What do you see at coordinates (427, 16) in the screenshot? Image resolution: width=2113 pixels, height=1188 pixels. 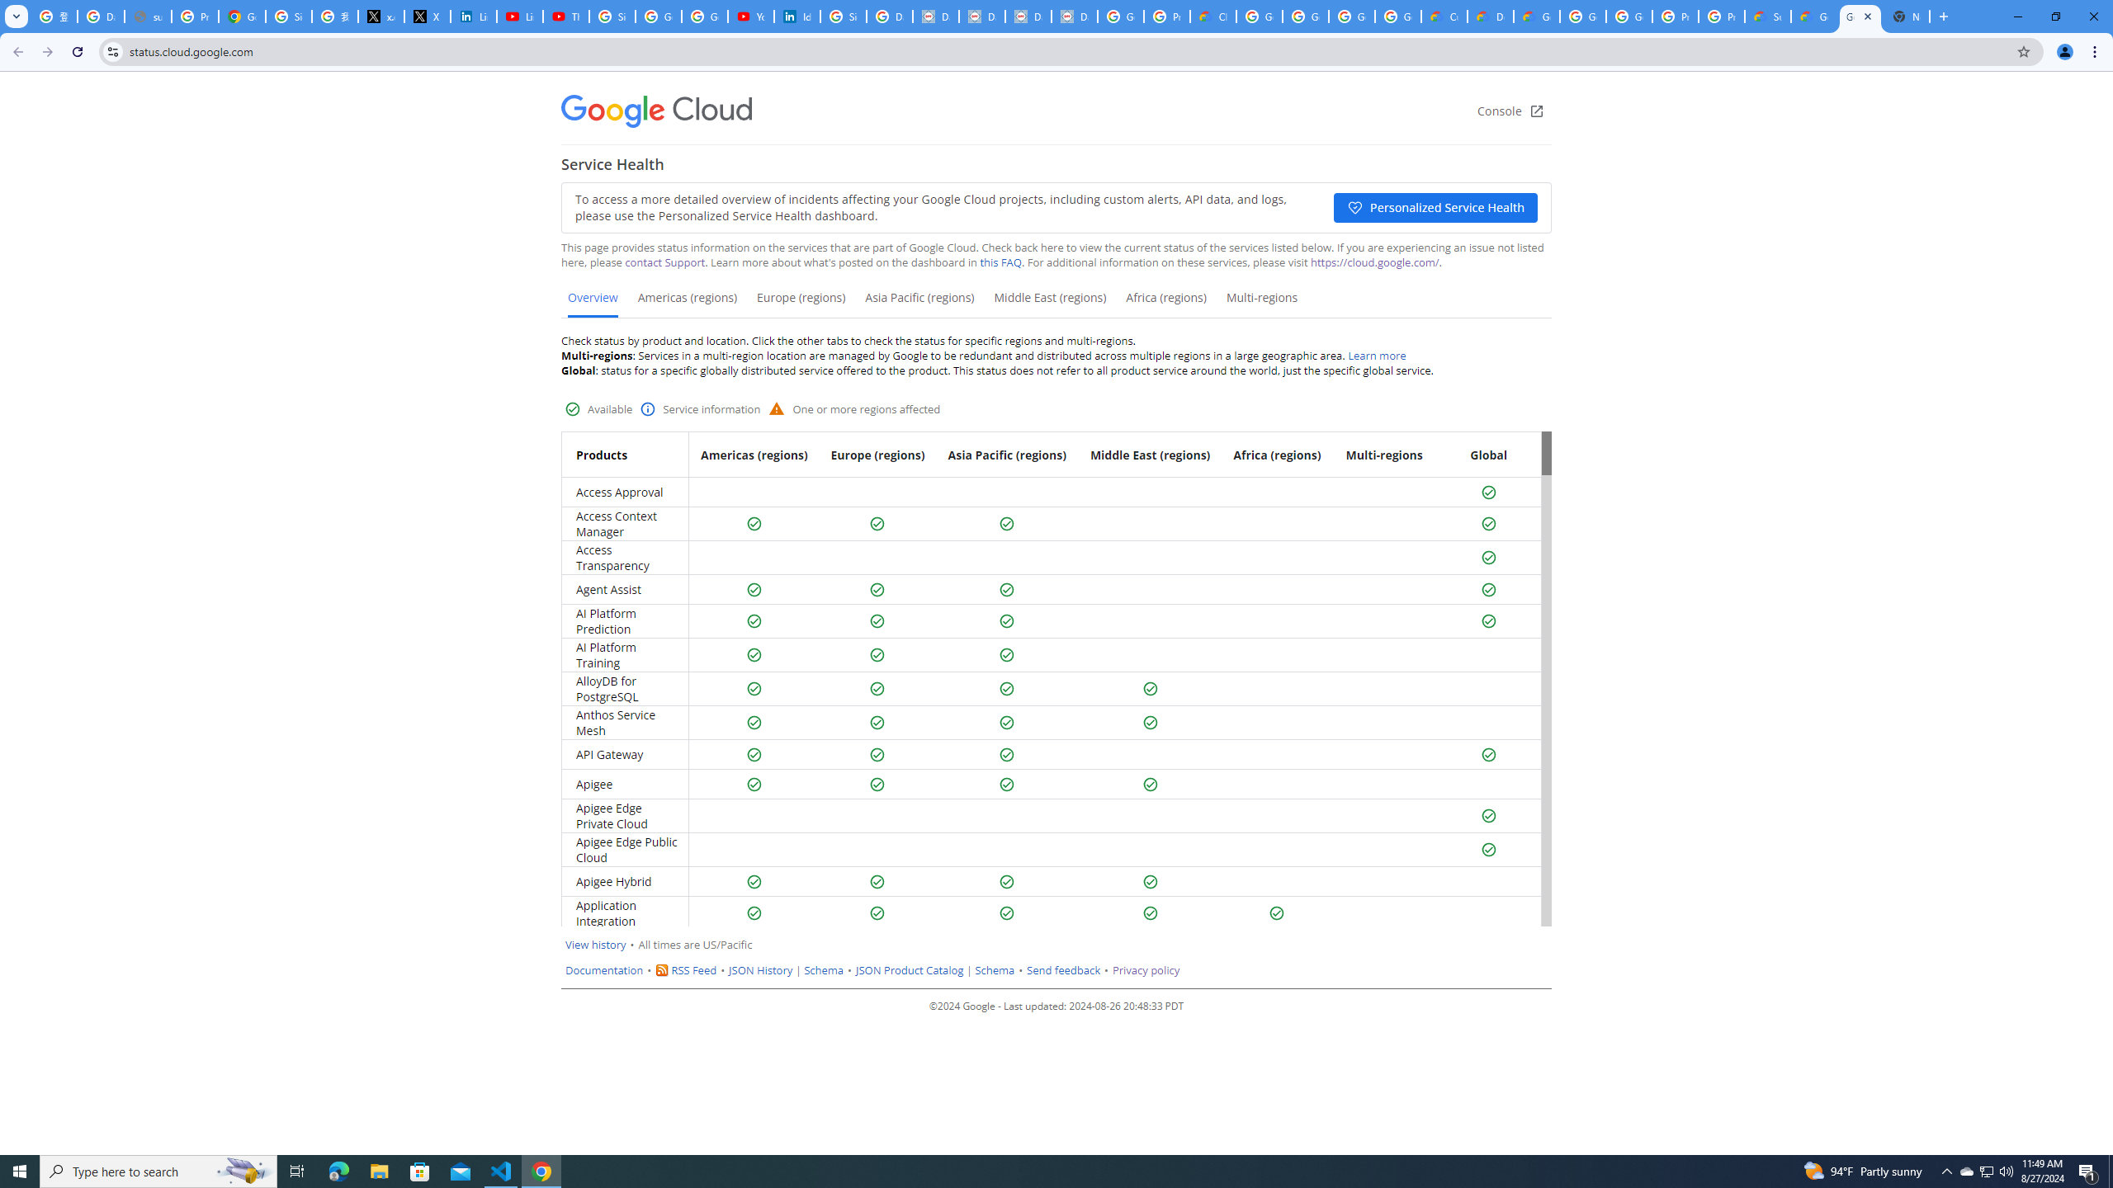 I see `'X'` at bounding box center [427, 16].